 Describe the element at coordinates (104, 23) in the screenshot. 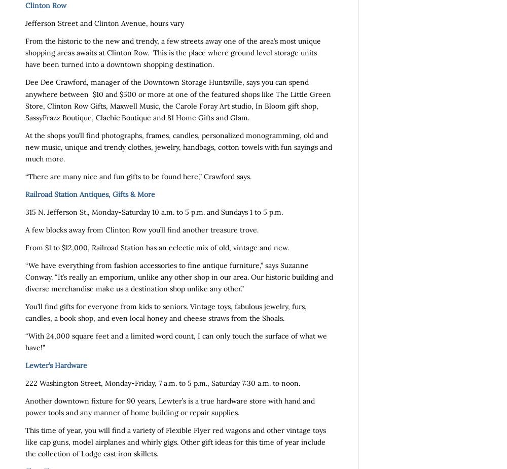

I see `'Jefferson Street and Clinton Avenue, hours vary'` at that location.